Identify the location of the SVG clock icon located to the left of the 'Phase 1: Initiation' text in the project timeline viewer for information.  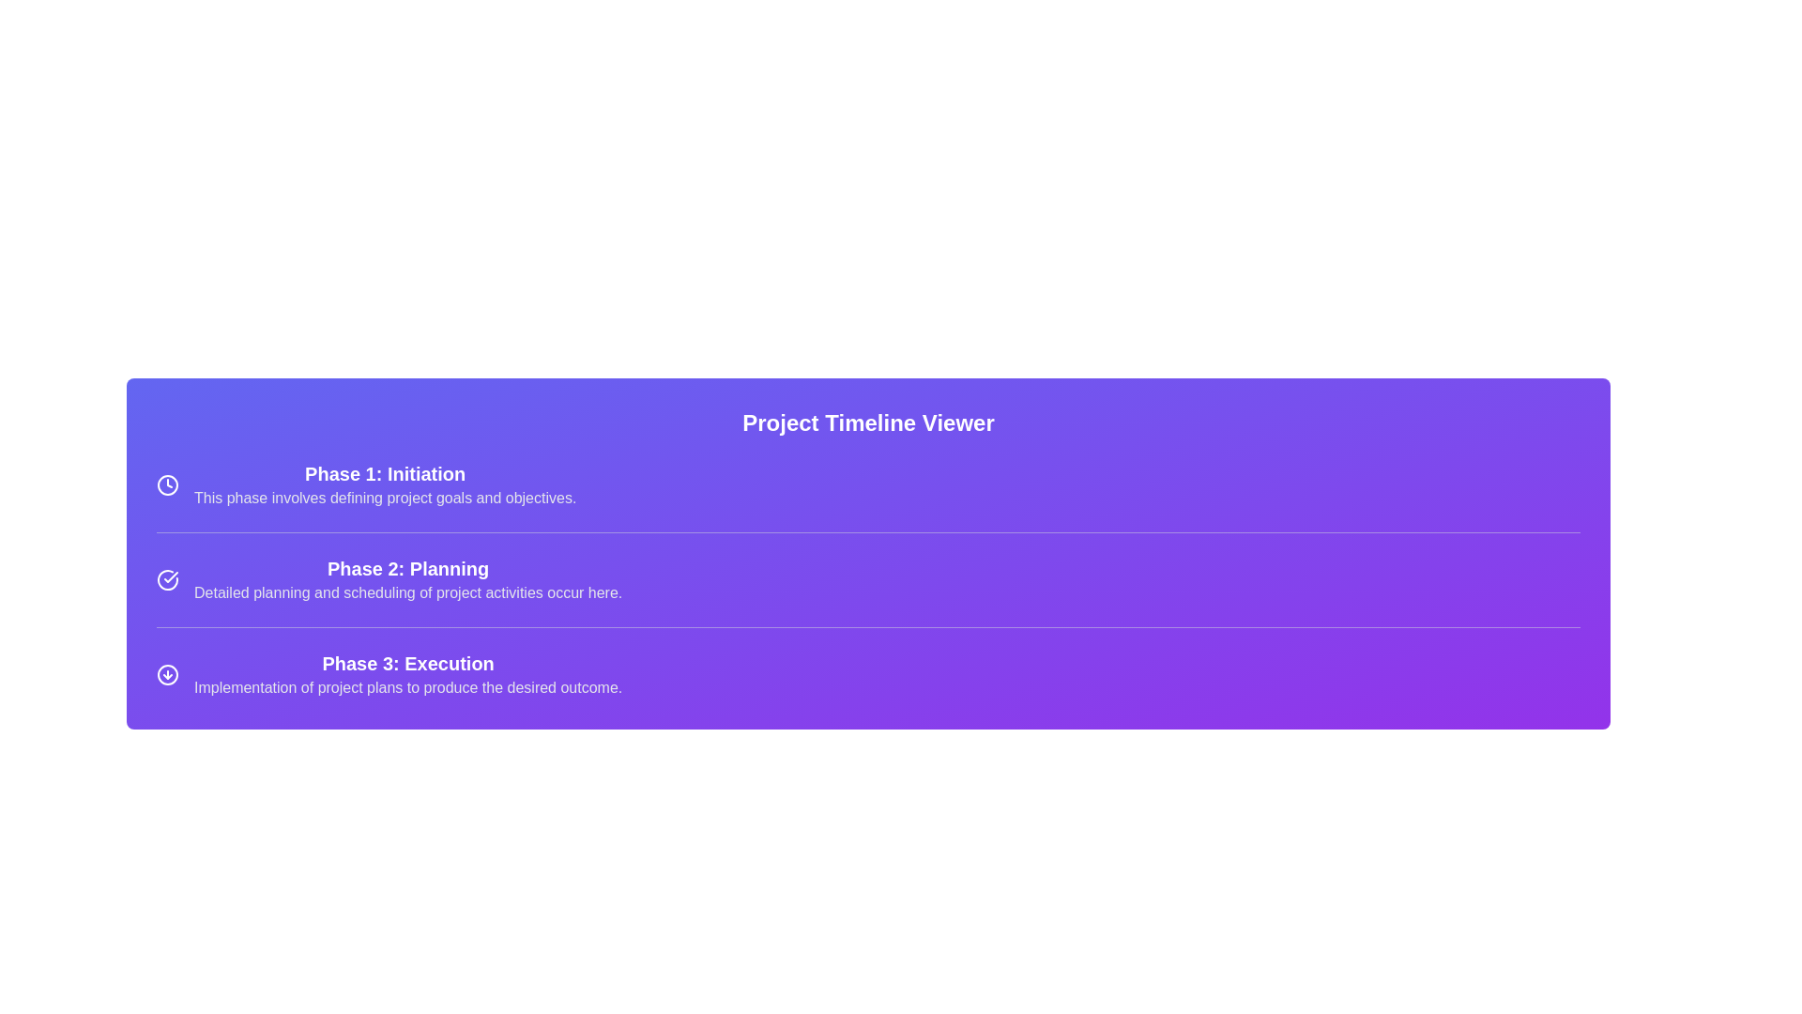
(167, 484).